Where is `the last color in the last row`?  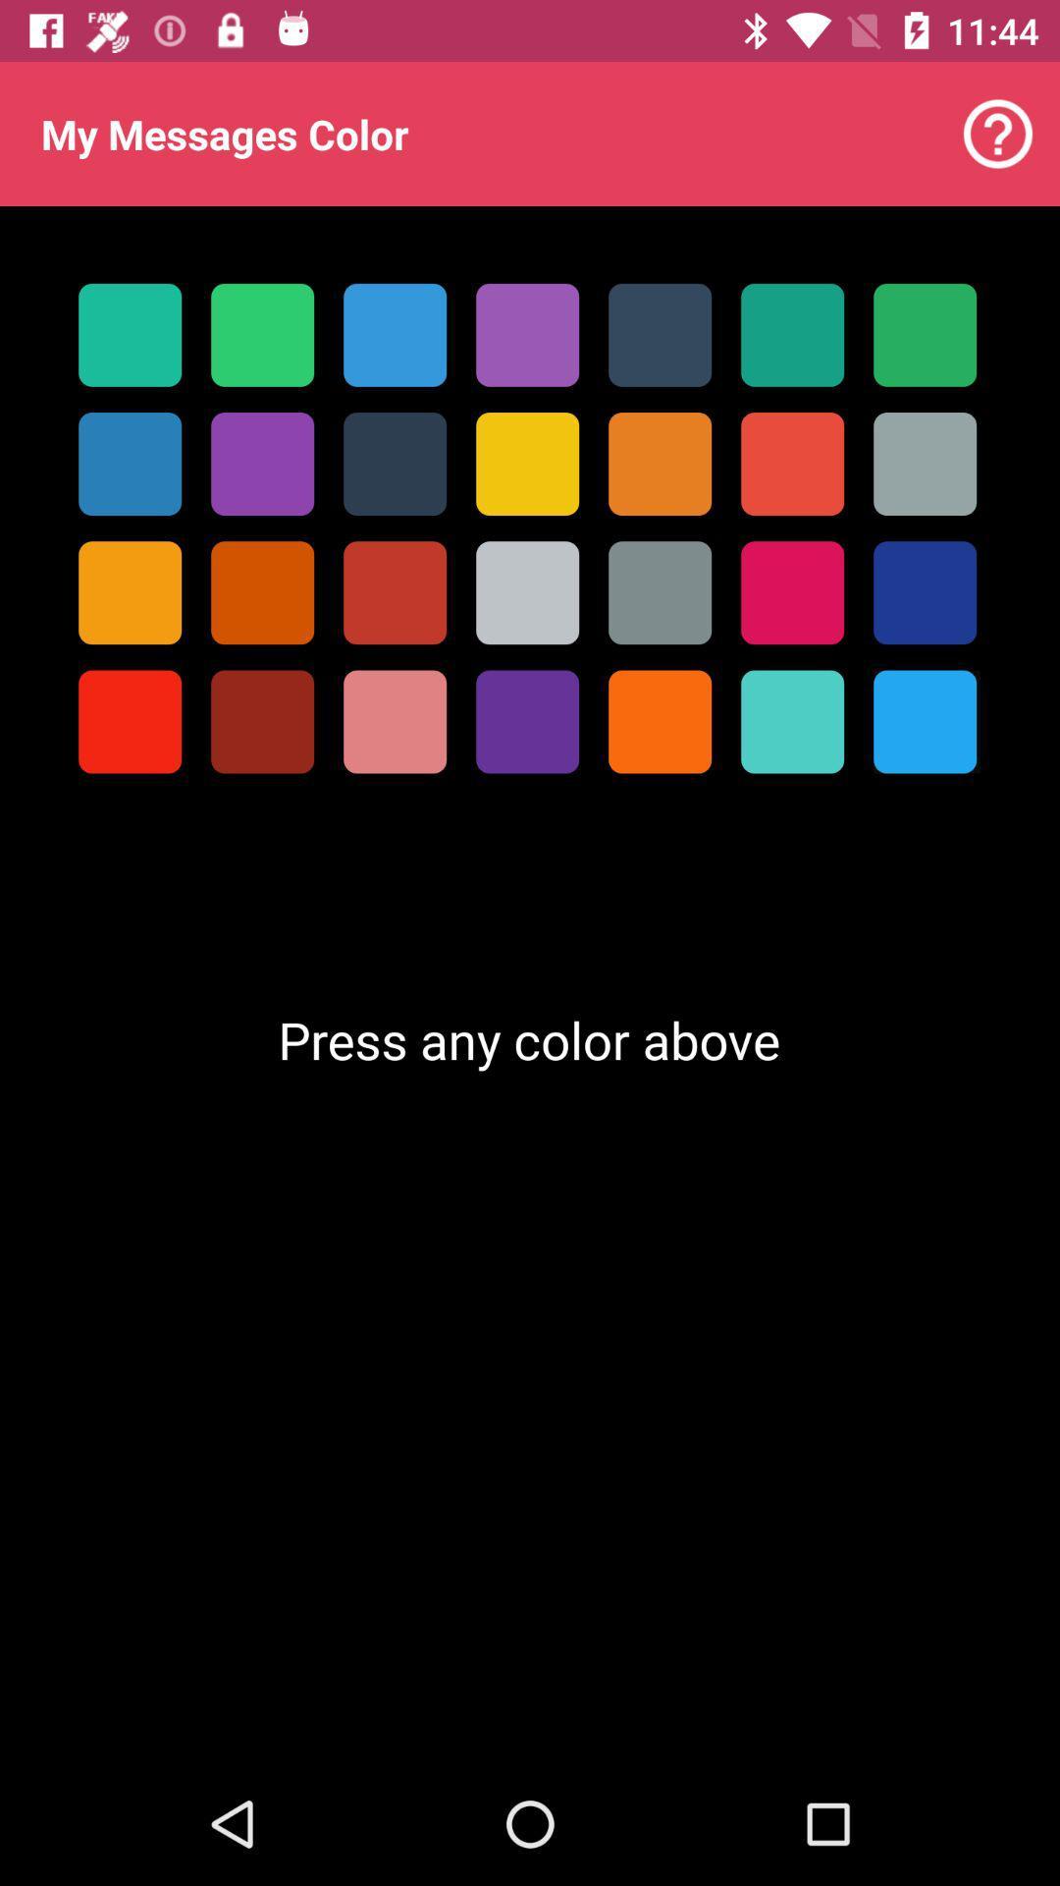 the last color in the last row is located at coordinates (925, 721).